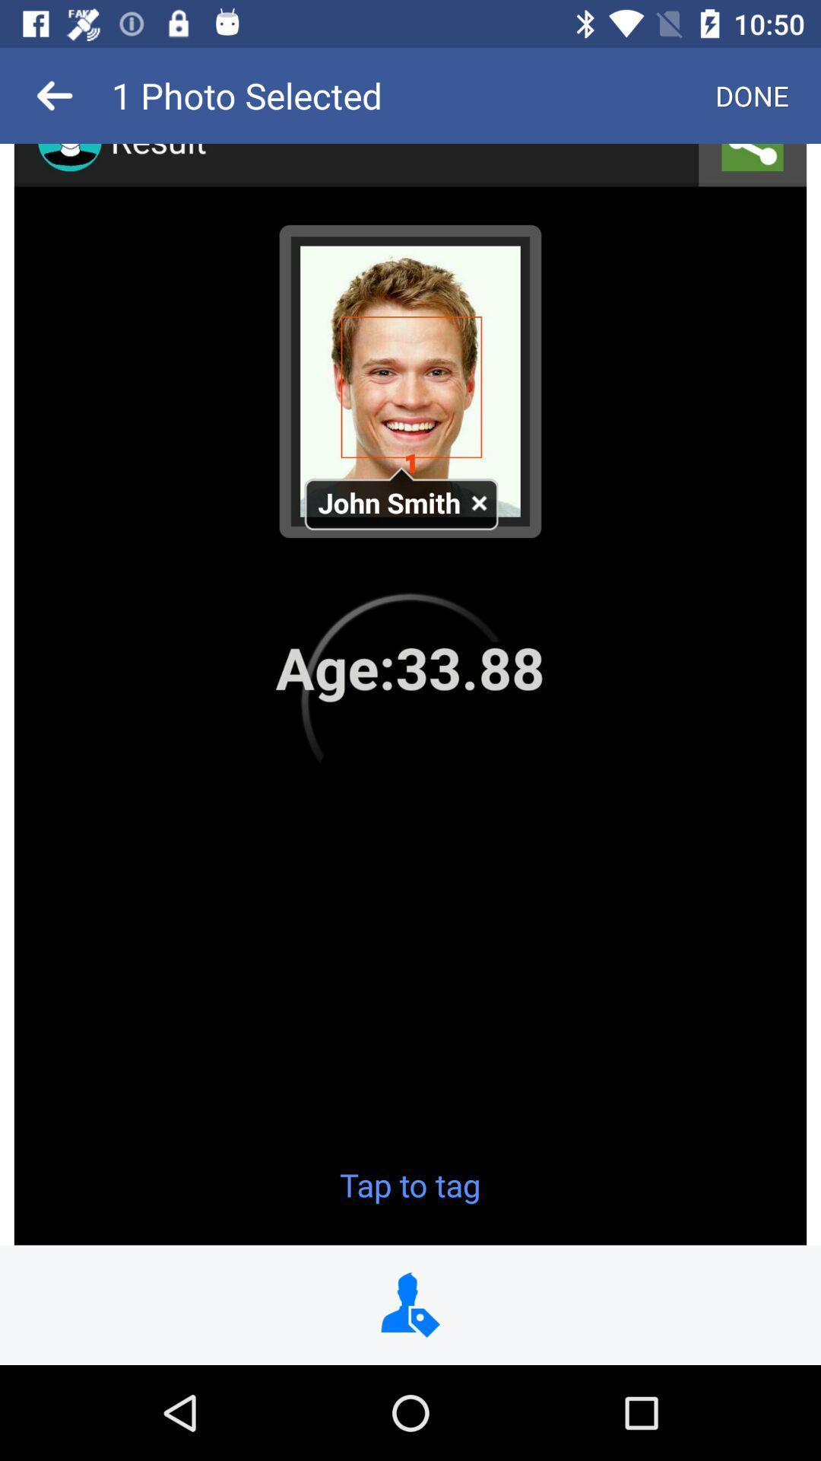 The image size is (821, 1461). What do you see at coordinates (477, 504) in the screenshot?
I see `the close icon` at bounding box center [477, 504].